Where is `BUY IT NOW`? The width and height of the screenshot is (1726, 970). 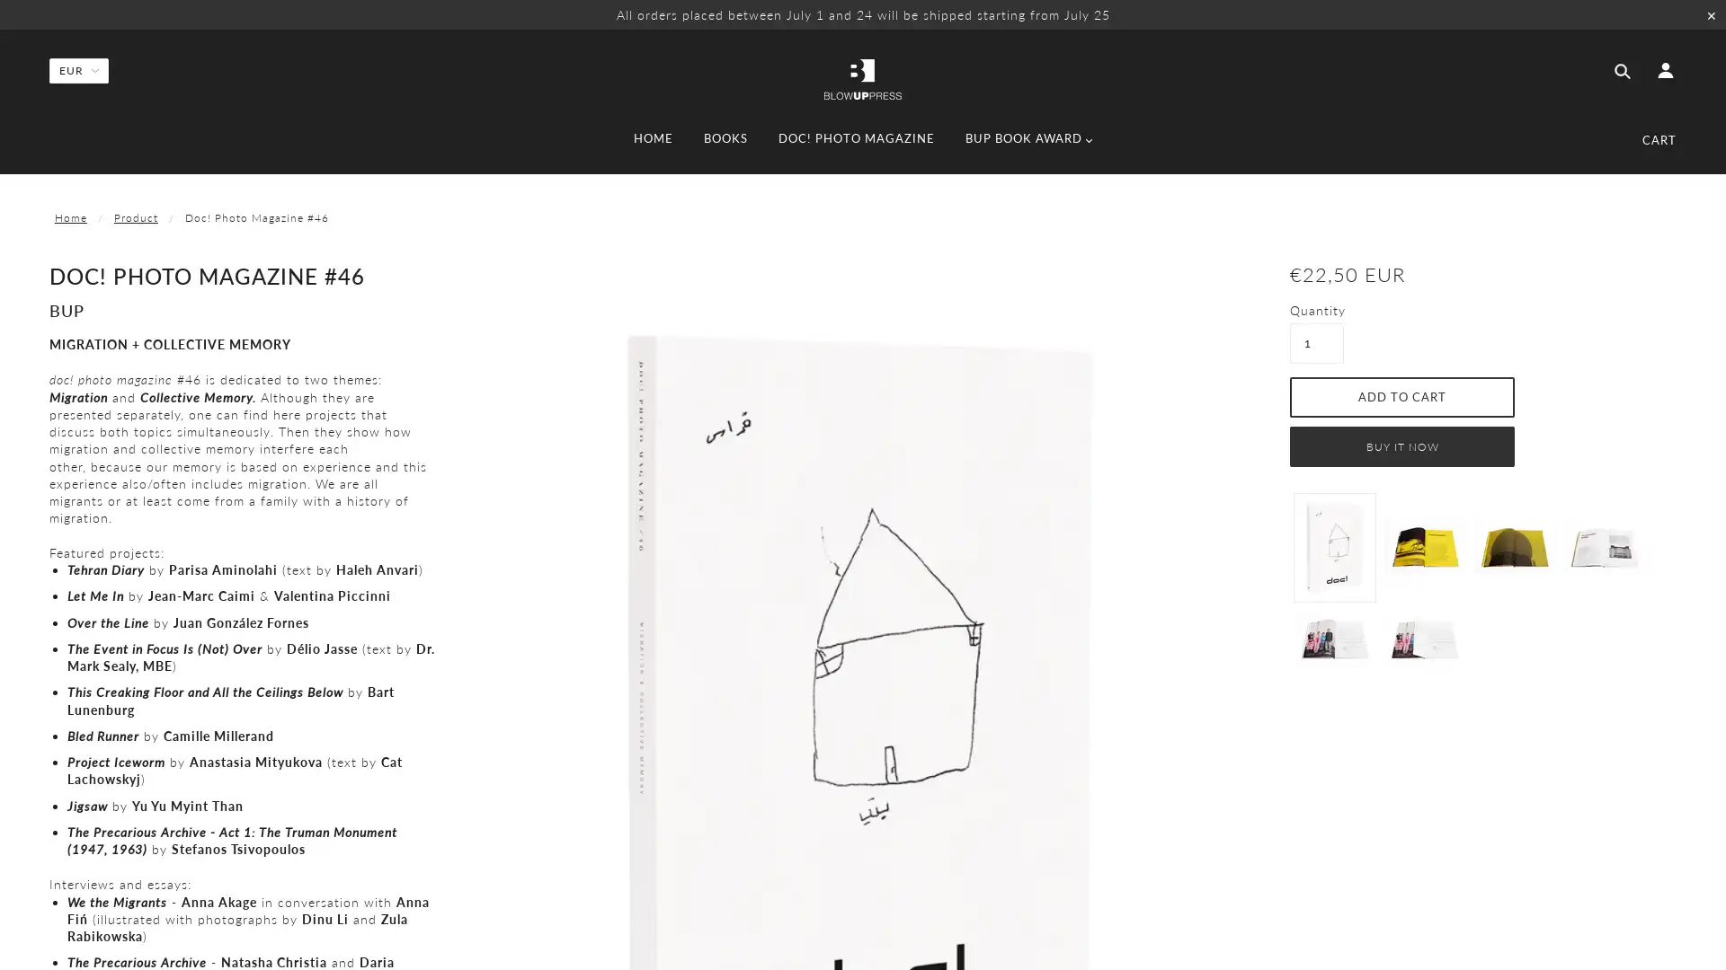
BUY IT NOW is located at coordinates (1401, 445).